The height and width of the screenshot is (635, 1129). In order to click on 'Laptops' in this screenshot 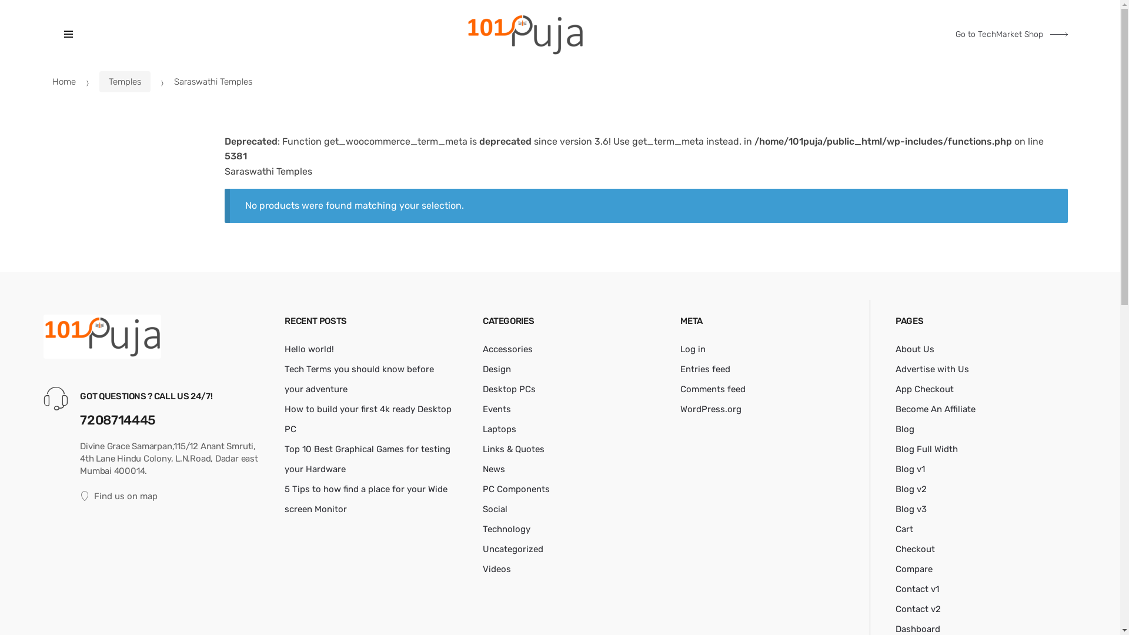, I will do `click(499, 429)`.